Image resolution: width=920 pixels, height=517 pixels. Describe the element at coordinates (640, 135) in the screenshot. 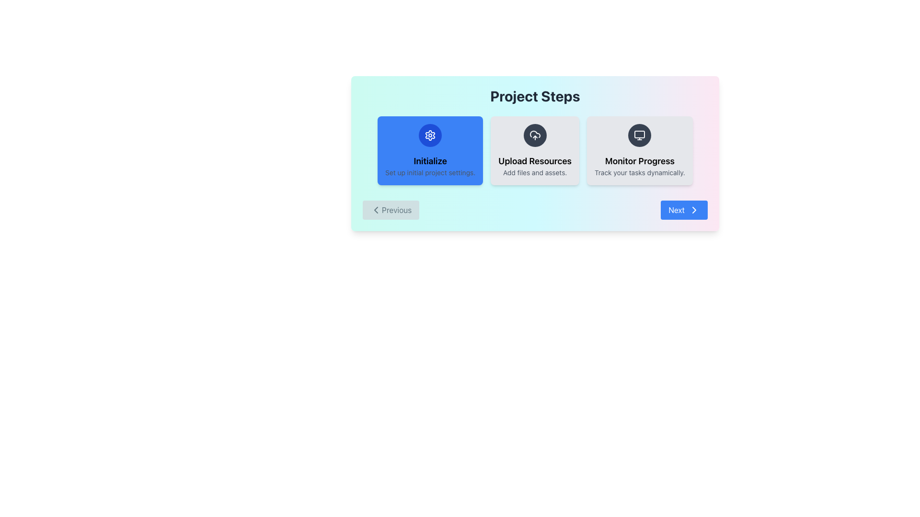

I see `the computer monitor SVG icon located in the third card under the 'Monitor Progress' text, which is centered within a dark gray circular background` at that location.